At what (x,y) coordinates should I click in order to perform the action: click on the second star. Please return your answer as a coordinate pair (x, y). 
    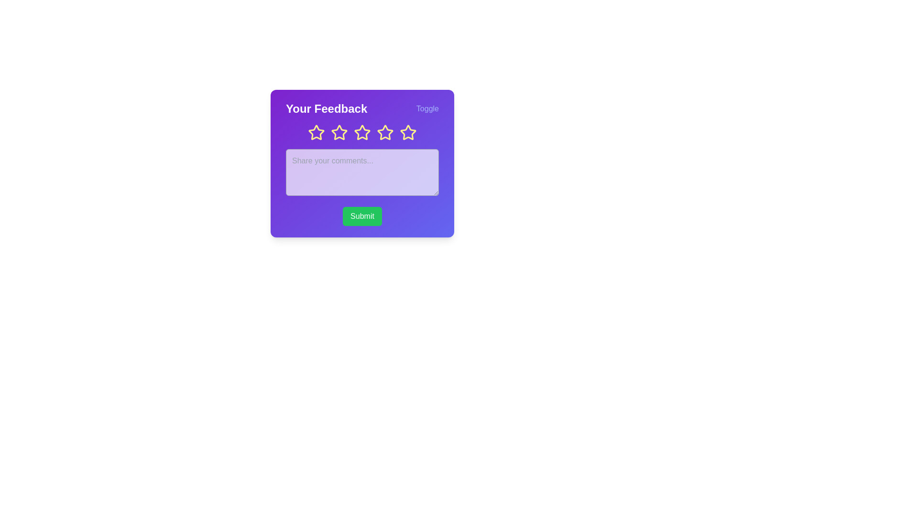
    Looking at the image, I should click on (339, 132).